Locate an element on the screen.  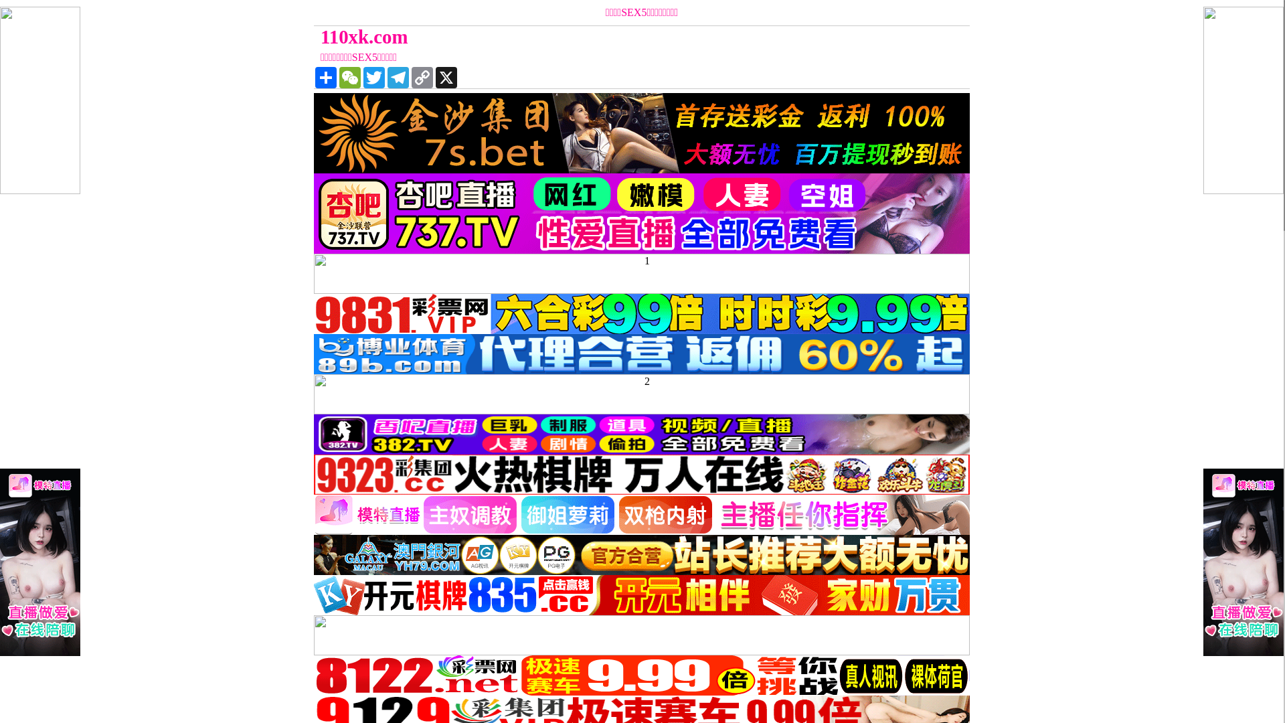
'WeChat' is located at coordinates (350, 77).